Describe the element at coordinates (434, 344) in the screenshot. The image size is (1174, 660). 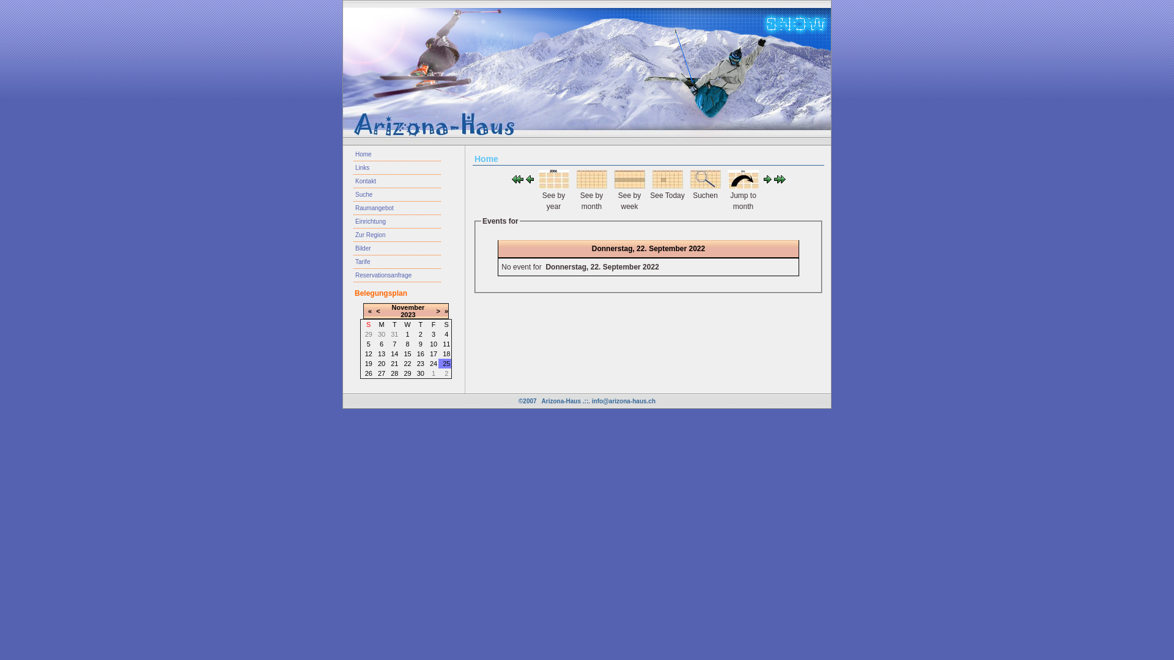
I see `'10'` at that location.